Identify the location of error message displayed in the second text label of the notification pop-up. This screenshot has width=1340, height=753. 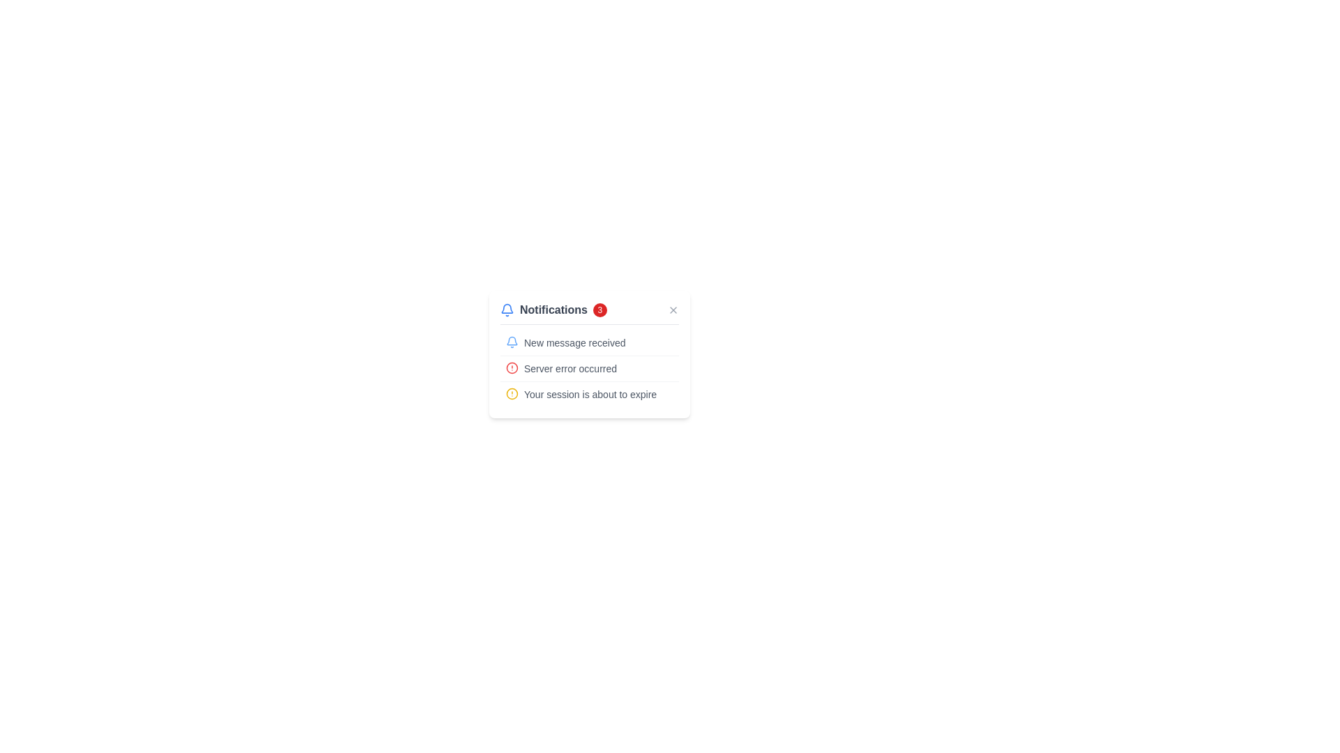
(570, 367).